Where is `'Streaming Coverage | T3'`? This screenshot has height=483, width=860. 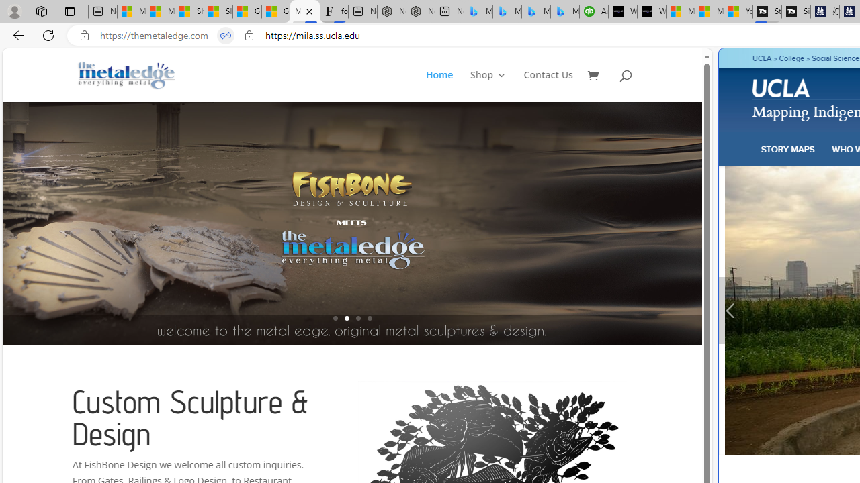 'Streaming Coverage | T3' is located at coordinates (767, 11).